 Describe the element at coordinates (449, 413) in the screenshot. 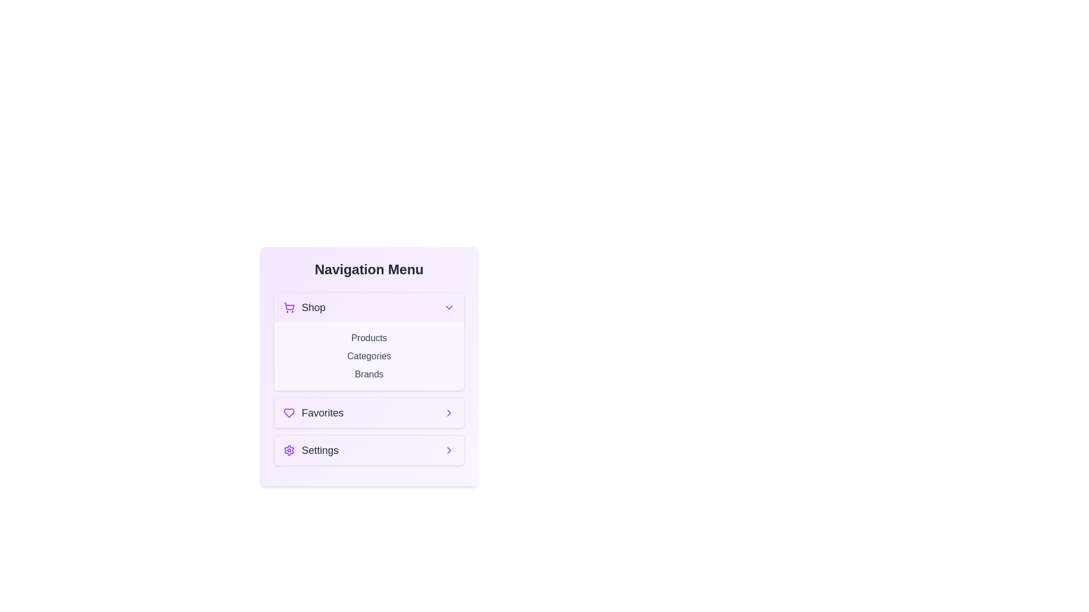

I see `the right-pointing chevron arrow icon, styled with purple coloring, located on the extreme right side of the 'Settings' option row in the navigation menu` at that location.